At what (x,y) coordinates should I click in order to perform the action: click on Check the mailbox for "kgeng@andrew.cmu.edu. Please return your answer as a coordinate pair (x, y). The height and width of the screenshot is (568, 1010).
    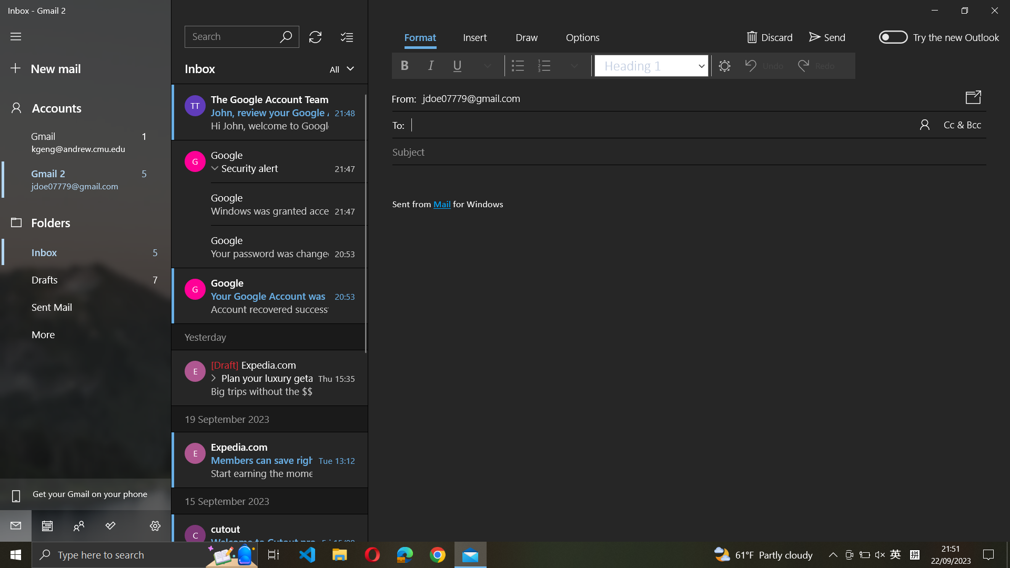
    Looking at the image, I should click on (340, 68).